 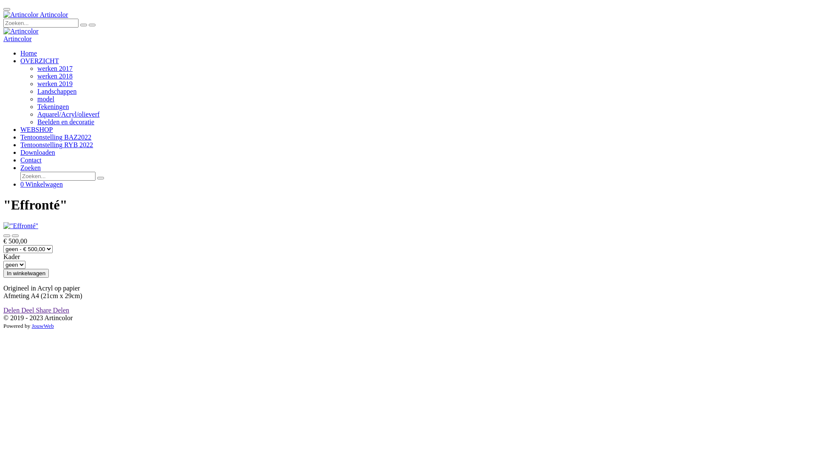 What do you see at coordinates (65, 122) in the screenshot?
I see `'Beelden en decoratie'` at bounding box center [65, 122].